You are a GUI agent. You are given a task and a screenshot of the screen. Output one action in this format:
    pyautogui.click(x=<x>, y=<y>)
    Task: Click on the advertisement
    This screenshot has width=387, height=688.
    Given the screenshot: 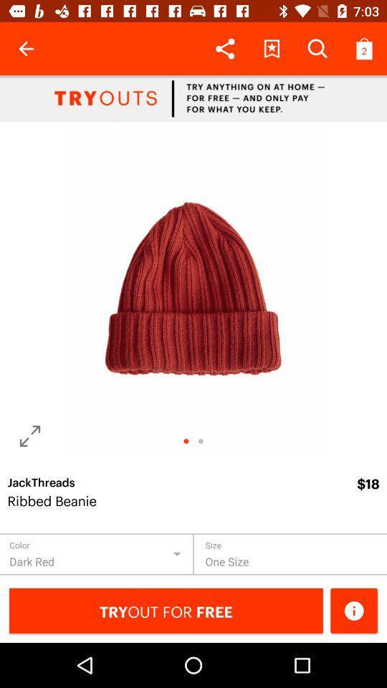 What is the action you would take?
    pyautogui.click(x=193, y=97)
    